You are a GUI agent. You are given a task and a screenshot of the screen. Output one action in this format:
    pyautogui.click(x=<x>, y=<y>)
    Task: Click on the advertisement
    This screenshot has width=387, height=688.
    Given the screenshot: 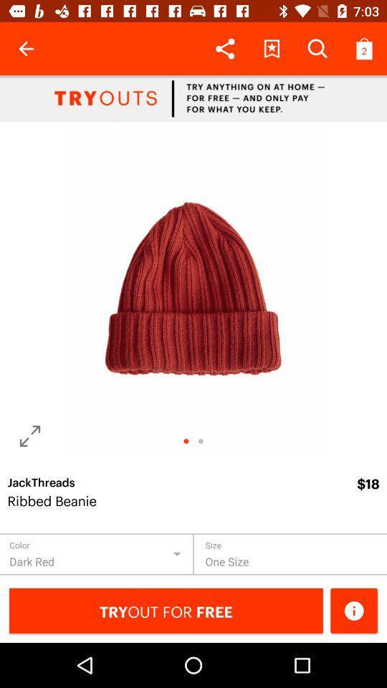 What is the action you would take?
    pyautogui.click(x=193, y=97)
    